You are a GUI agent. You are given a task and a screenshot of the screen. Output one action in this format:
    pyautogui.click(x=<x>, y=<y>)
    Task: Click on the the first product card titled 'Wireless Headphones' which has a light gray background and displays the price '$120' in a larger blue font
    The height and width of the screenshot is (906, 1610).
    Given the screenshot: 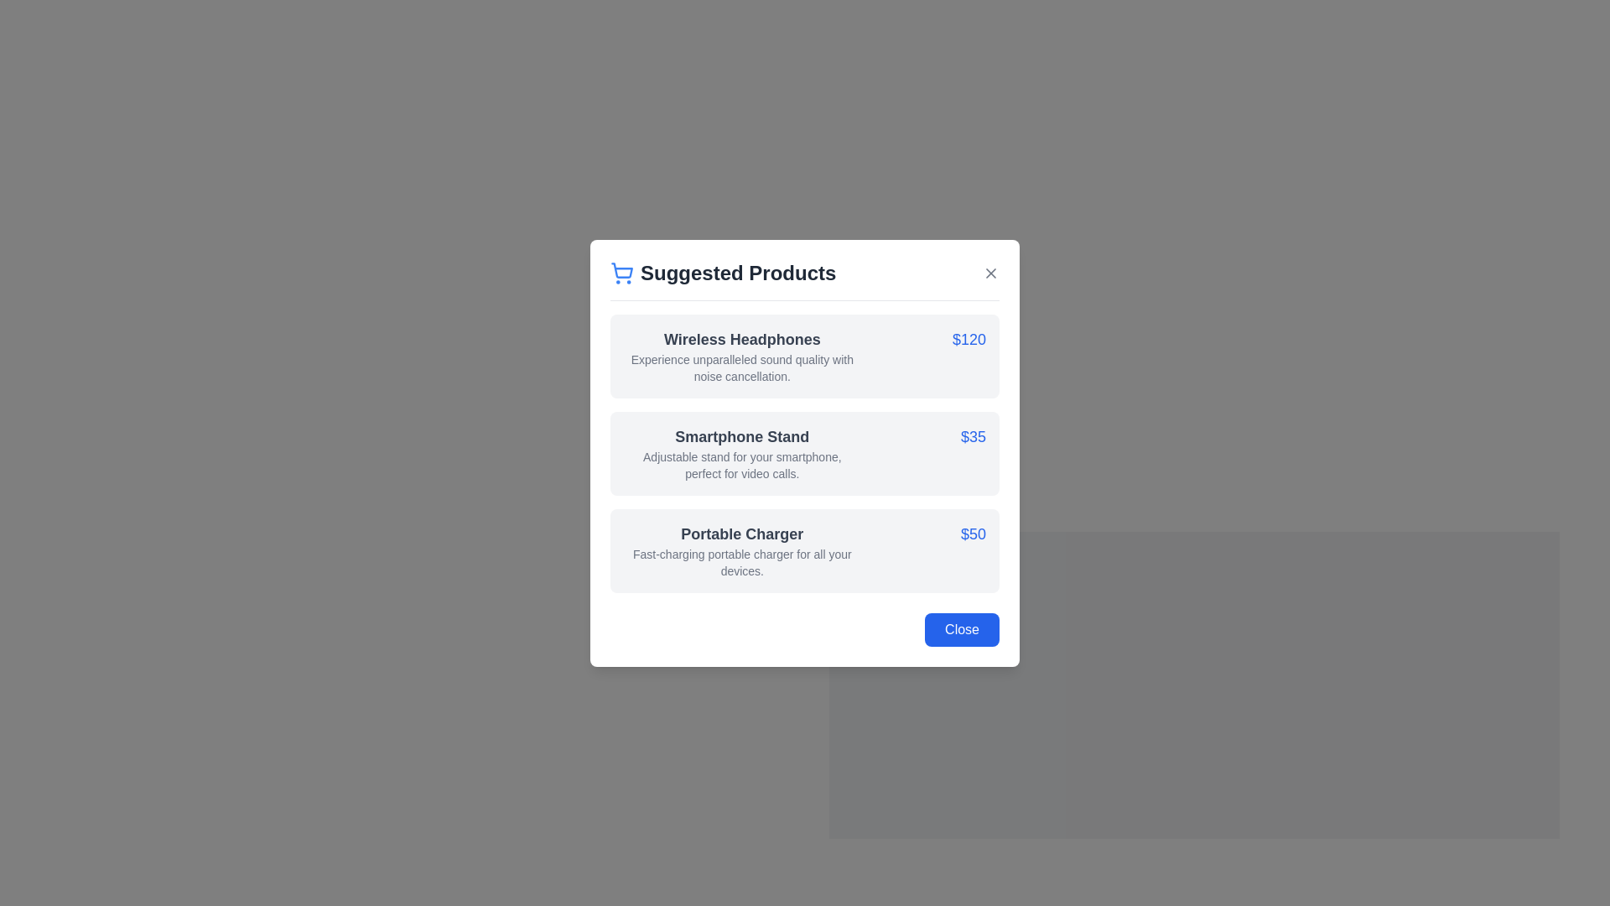 What is the action you would take?
    pyautogui.click(x=805, y=355)
    